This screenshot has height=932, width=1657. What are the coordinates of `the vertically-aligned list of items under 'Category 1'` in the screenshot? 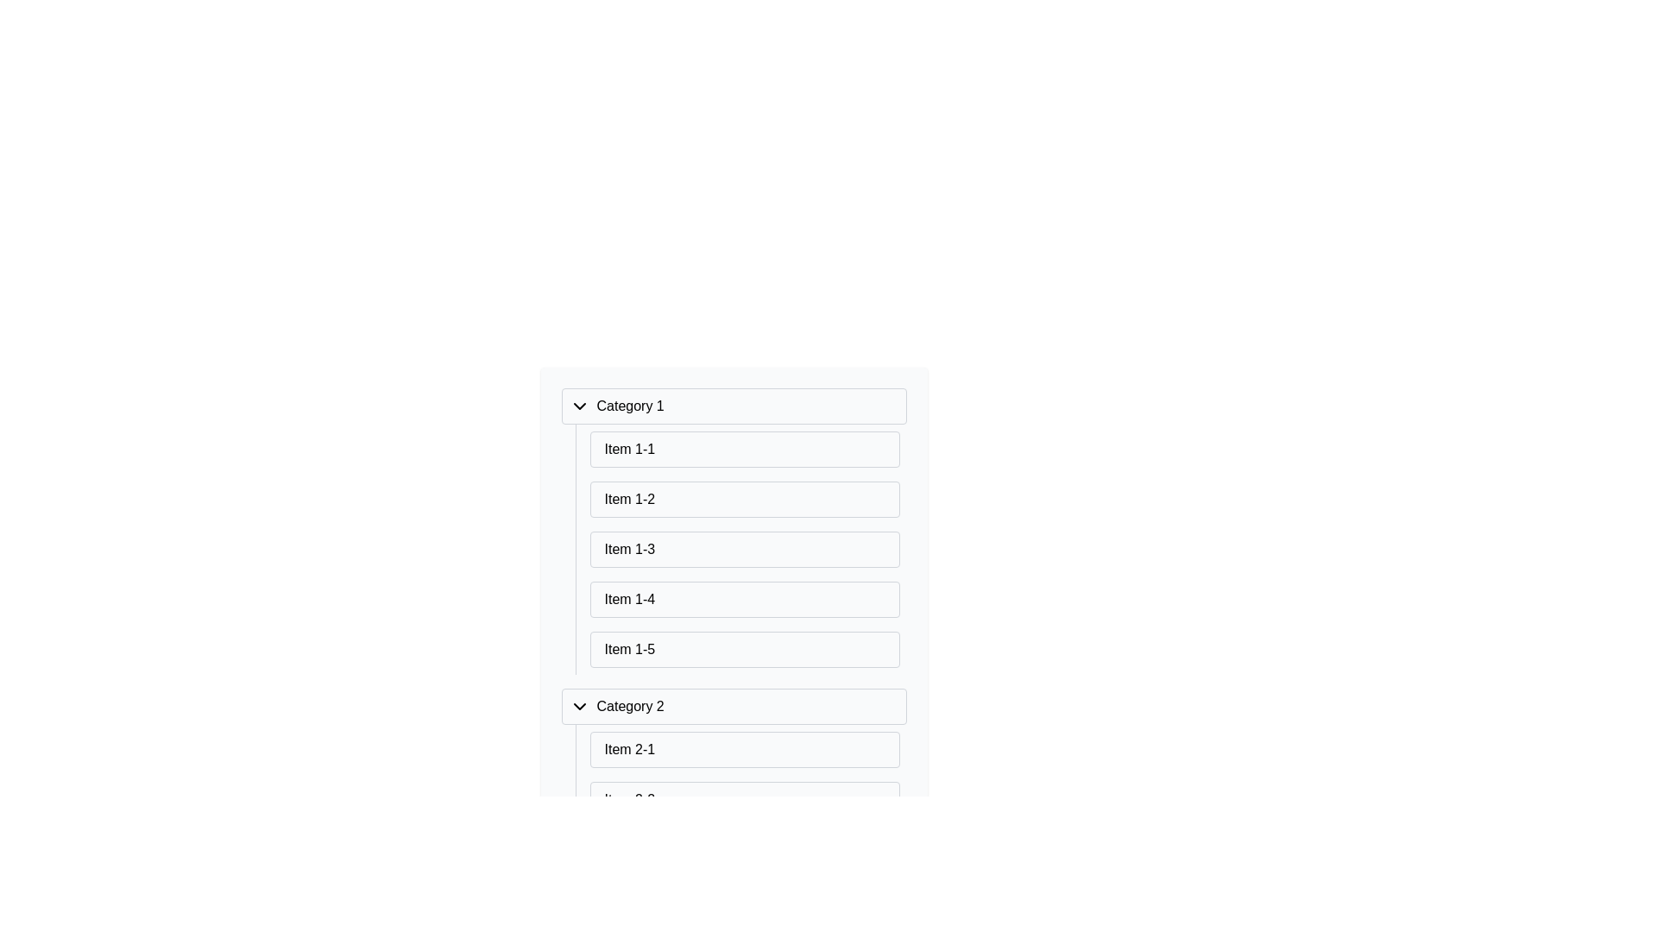 It's located at (740, 549).